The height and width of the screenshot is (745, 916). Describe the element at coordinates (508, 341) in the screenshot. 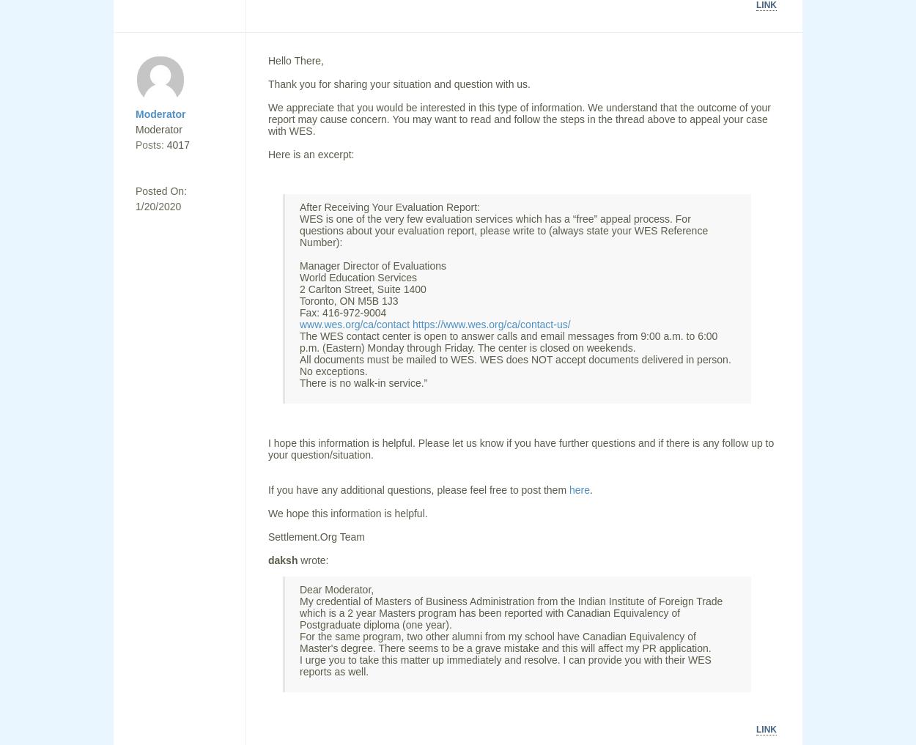

I see `'The WES contact center is open to answer calls and email messages from 9:00 a.m. to 6:00 p.m. (Eastern) Monday through Friday. The center is closed on weekends.'` at that location.